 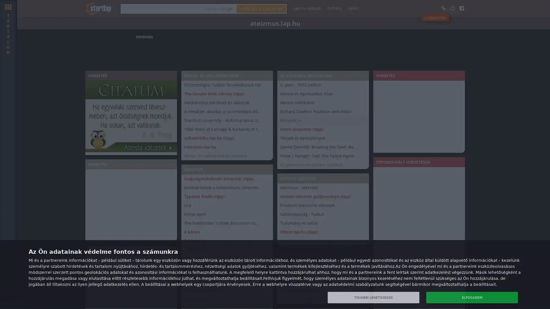 I want to click on TOVABBI LEHETOSEGEK, so click(x=374, y=297).